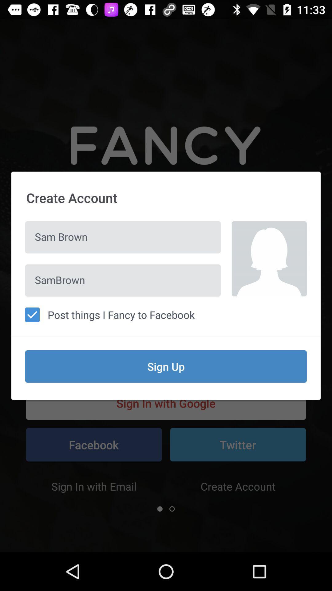  I want to click on item on the right, so click(269, 259).